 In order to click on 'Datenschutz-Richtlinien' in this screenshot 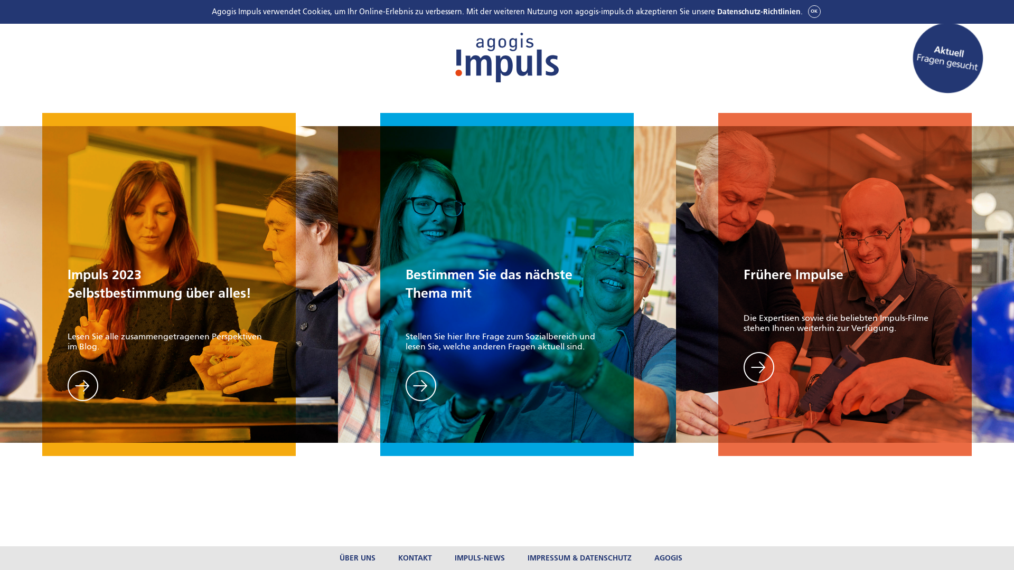, I will do `click(758, 12)`.